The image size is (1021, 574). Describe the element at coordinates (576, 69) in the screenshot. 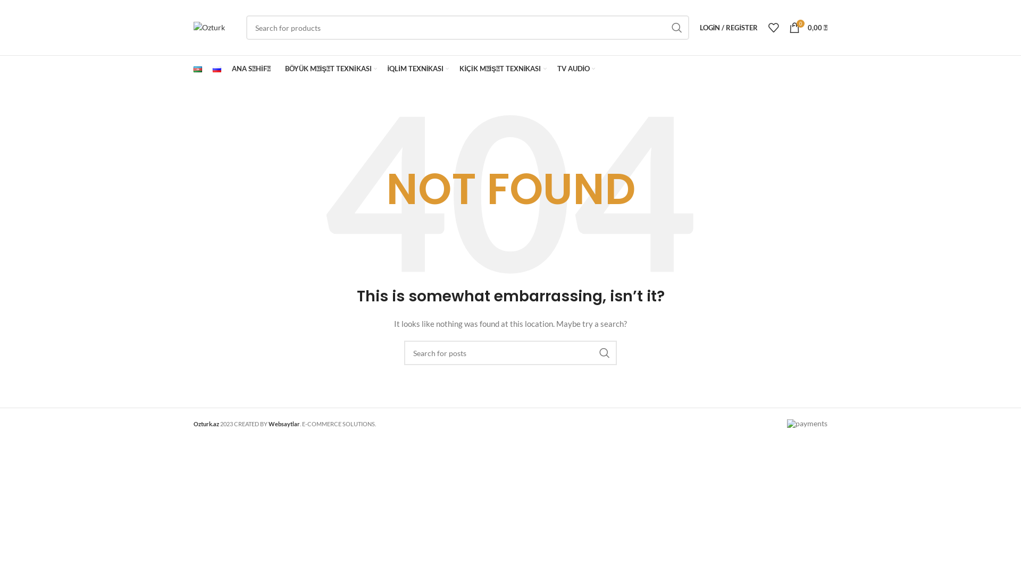

I see `'TV AUDIO'` at that location.